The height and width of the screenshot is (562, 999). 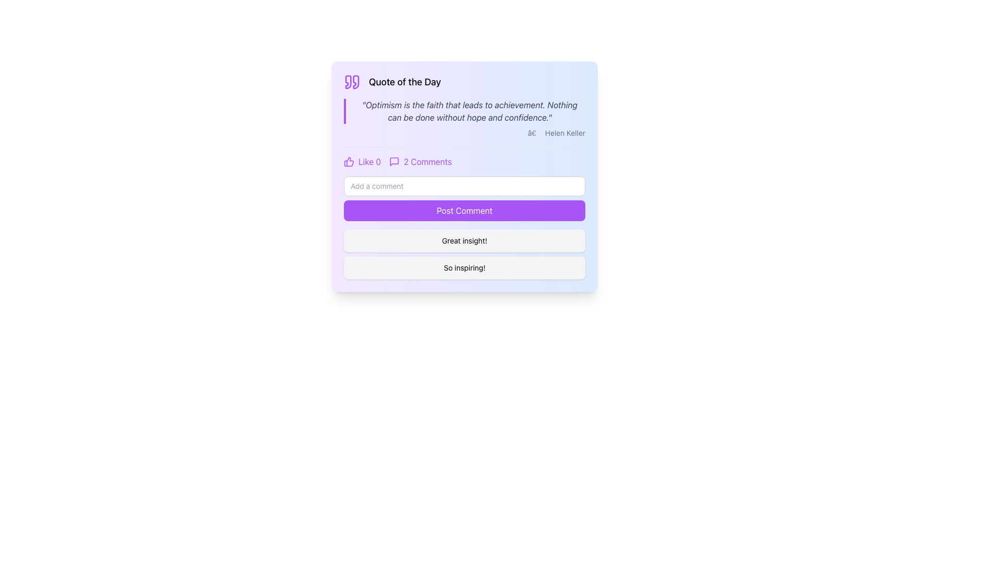 What do you see at coordinates (464, 240) in the screenshot?
I see `the first Text Display Box that displays a user comment or message, located above the message saying 'So inspiring!' and below the purple 'Post Comment' button` at bounding box center [464, 240].